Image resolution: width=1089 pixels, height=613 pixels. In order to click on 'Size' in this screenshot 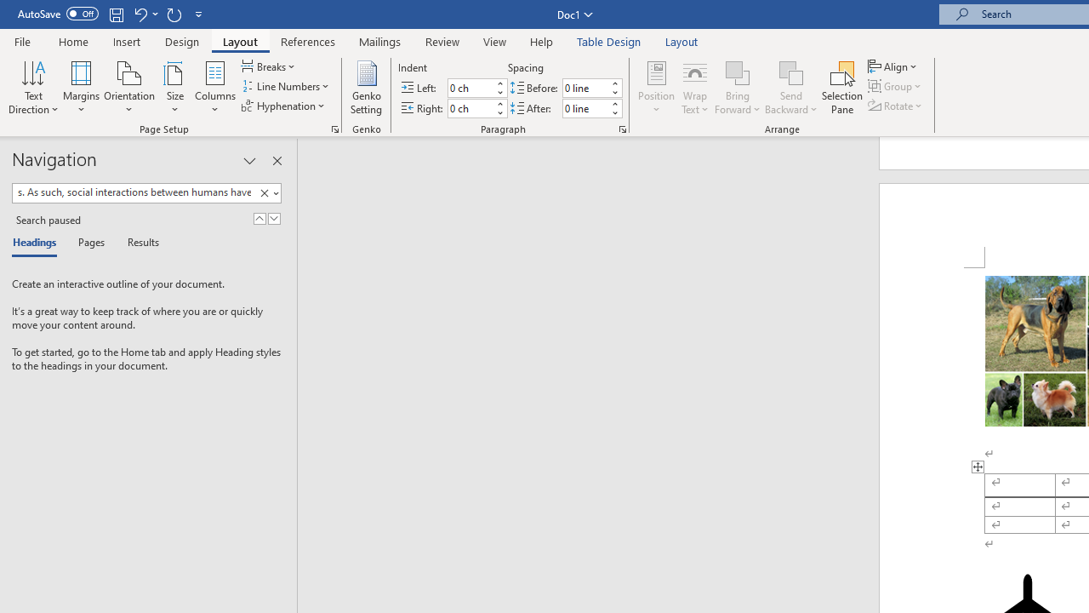, I will do `click(175, 88)`.